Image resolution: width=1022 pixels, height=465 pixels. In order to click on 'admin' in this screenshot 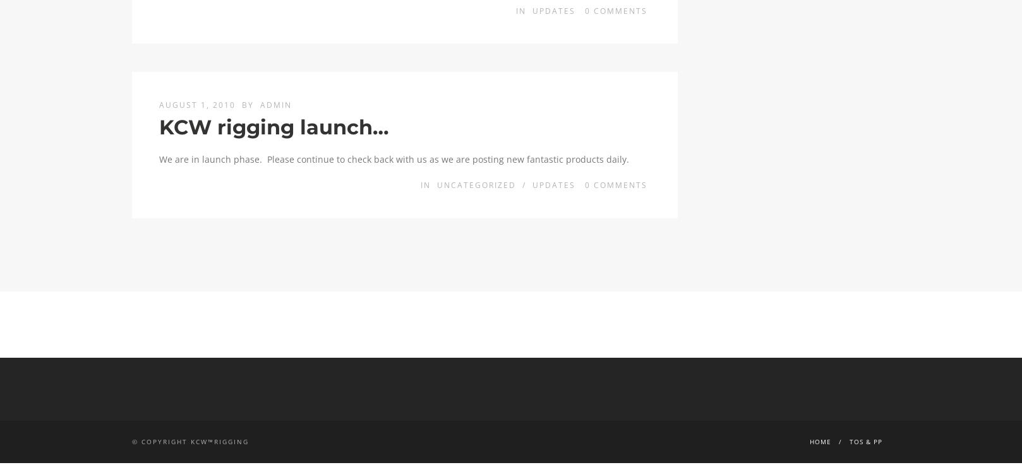, I will do `click(275, 103)`.